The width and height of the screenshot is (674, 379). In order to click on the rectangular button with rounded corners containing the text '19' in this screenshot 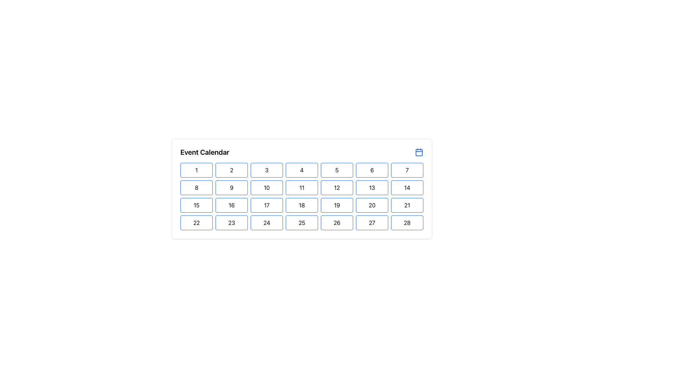, I will do `click(337, 205)`.